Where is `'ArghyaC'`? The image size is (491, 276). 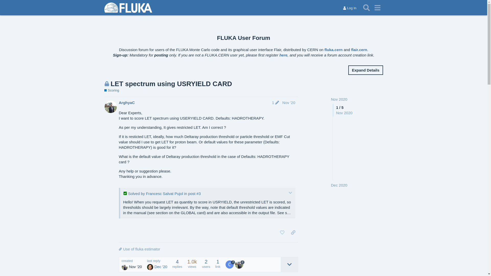
'ArghyaC' is located at coordinates (121, 267).